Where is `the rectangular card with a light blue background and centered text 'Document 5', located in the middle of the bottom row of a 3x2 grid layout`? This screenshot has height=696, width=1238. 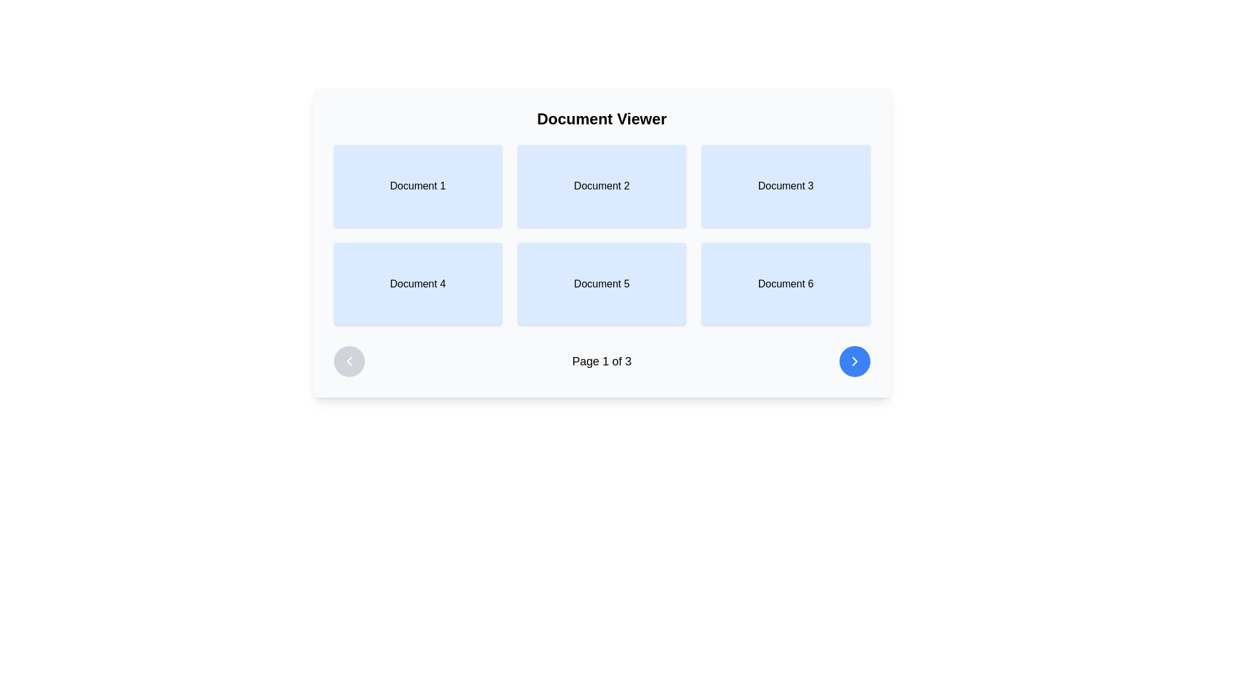 the rectangular card with a light blue background and centered text 'Document 5', located in the middle of the bottom row of a 3x2 grid layout is located at coordinates (601, 283).